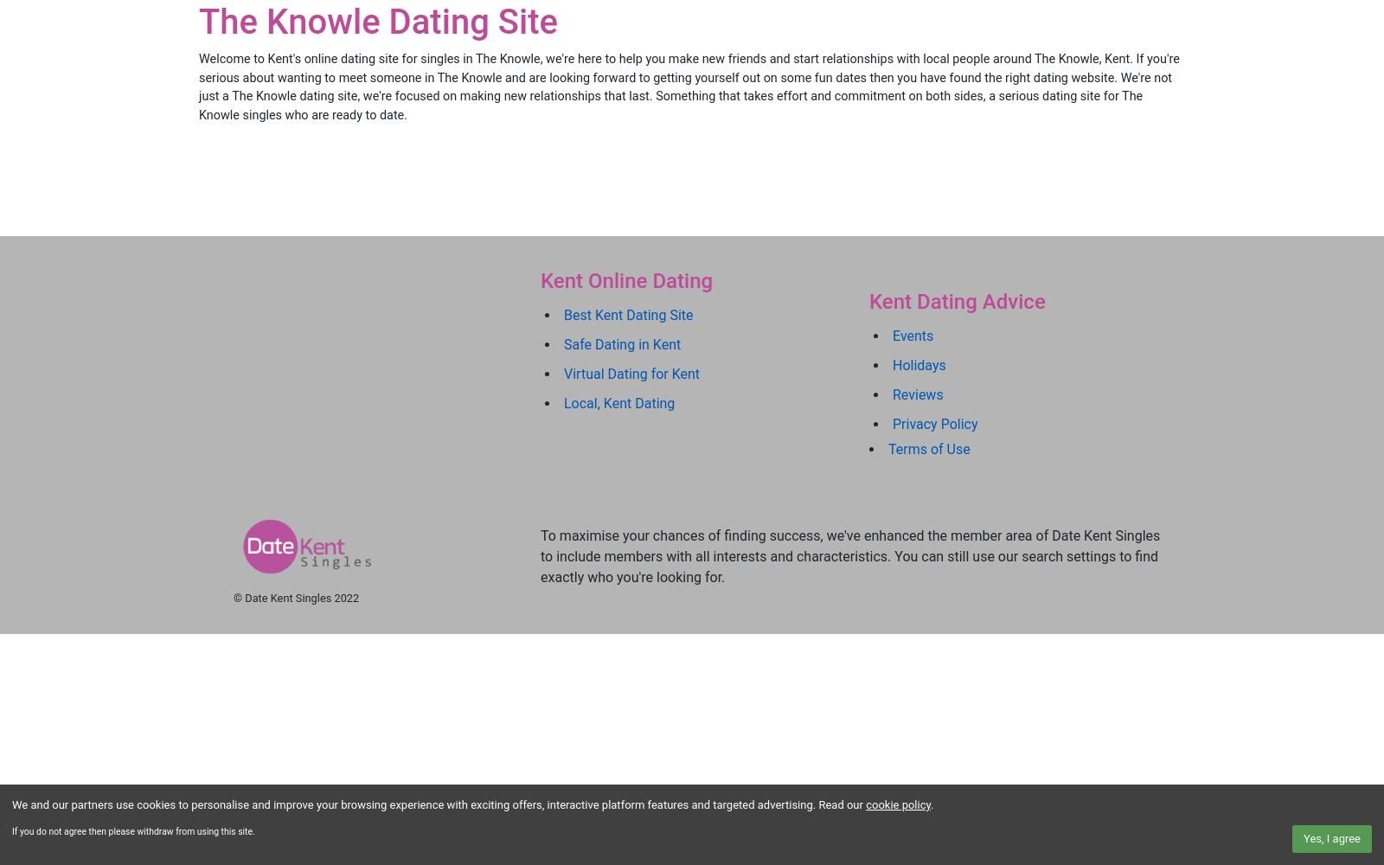  Describe the element at coordinates (626, 280) in the screenshot. I see `'Kent Online Dating'` at that location.